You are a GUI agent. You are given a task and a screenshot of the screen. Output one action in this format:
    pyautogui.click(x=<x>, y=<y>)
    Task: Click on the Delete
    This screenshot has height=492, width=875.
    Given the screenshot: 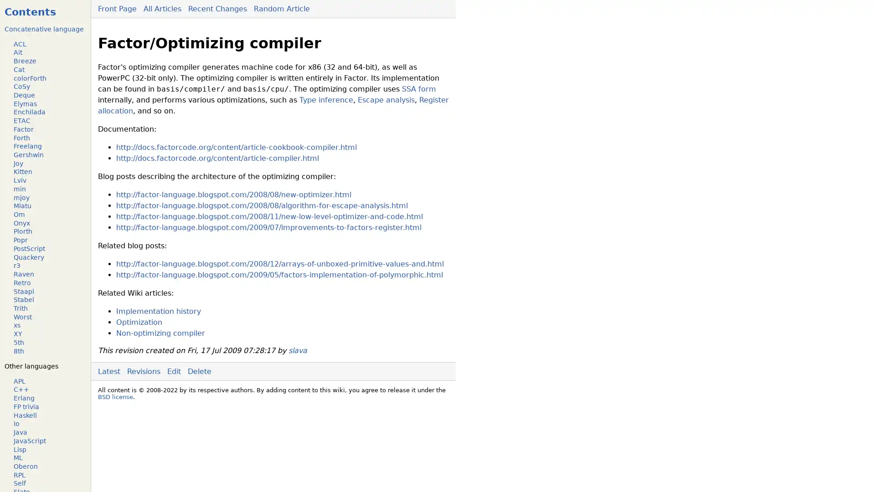 What is the action you would take?
    pyautogui.click(x=199, y=371)
    